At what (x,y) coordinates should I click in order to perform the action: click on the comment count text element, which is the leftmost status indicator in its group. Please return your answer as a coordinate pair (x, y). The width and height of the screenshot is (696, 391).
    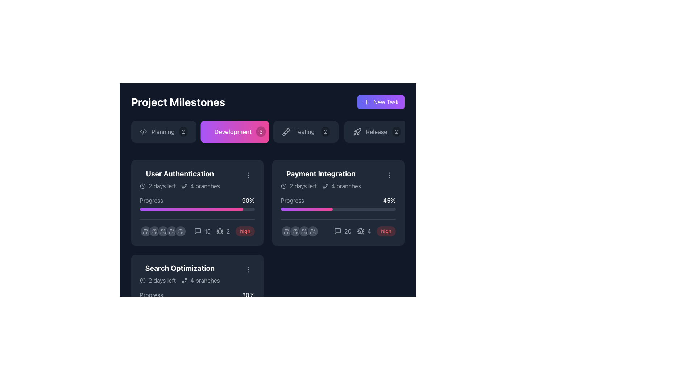
    Looking at the image, I should click on (202, 231).